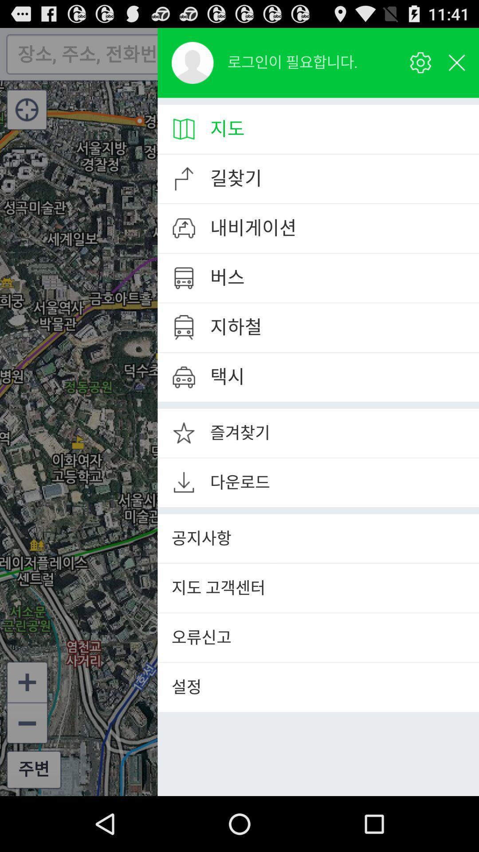 This screenshot has width=479, height=852. I want to click on the close icon, so click(452, 58).